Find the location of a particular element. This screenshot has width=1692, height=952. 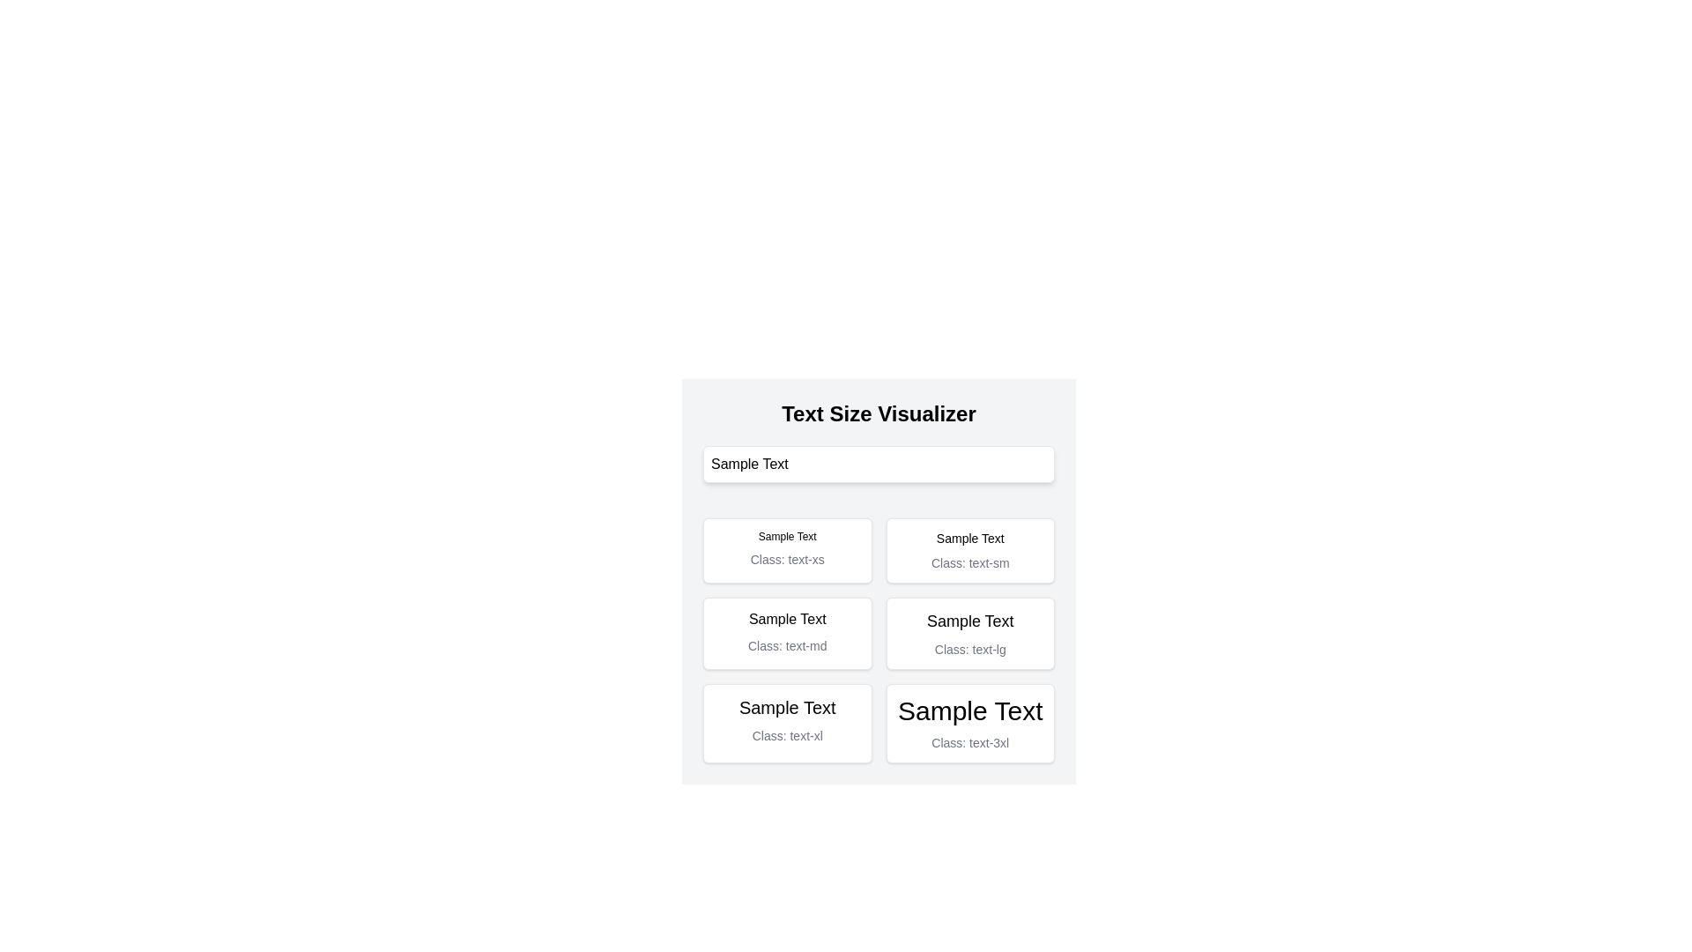

the Text Label located at the top of the card in the top-left group of elements within a grid layout is located at coordinates (786, 536).